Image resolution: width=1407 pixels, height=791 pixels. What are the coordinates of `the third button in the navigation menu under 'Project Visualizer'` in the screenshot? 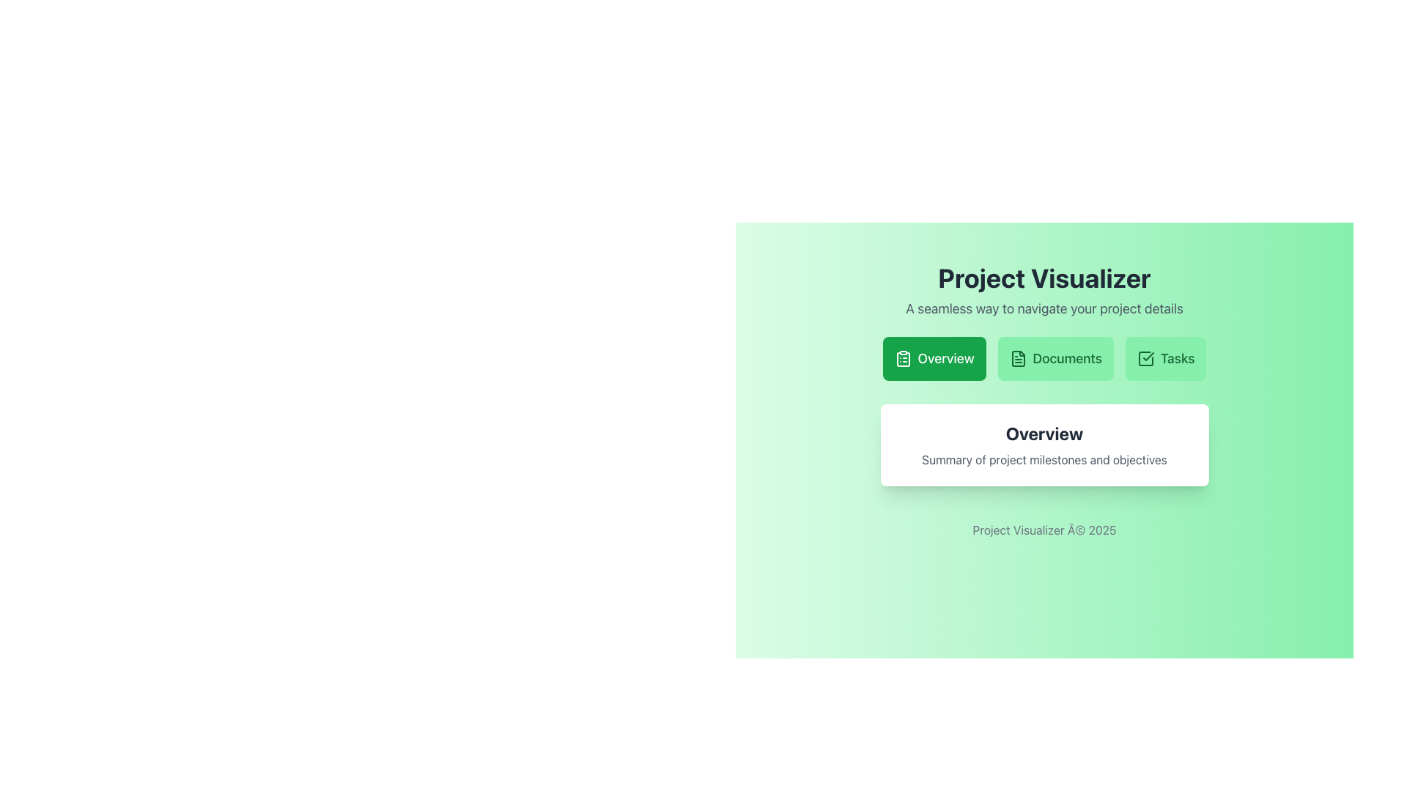 It's located at (1165, 358).